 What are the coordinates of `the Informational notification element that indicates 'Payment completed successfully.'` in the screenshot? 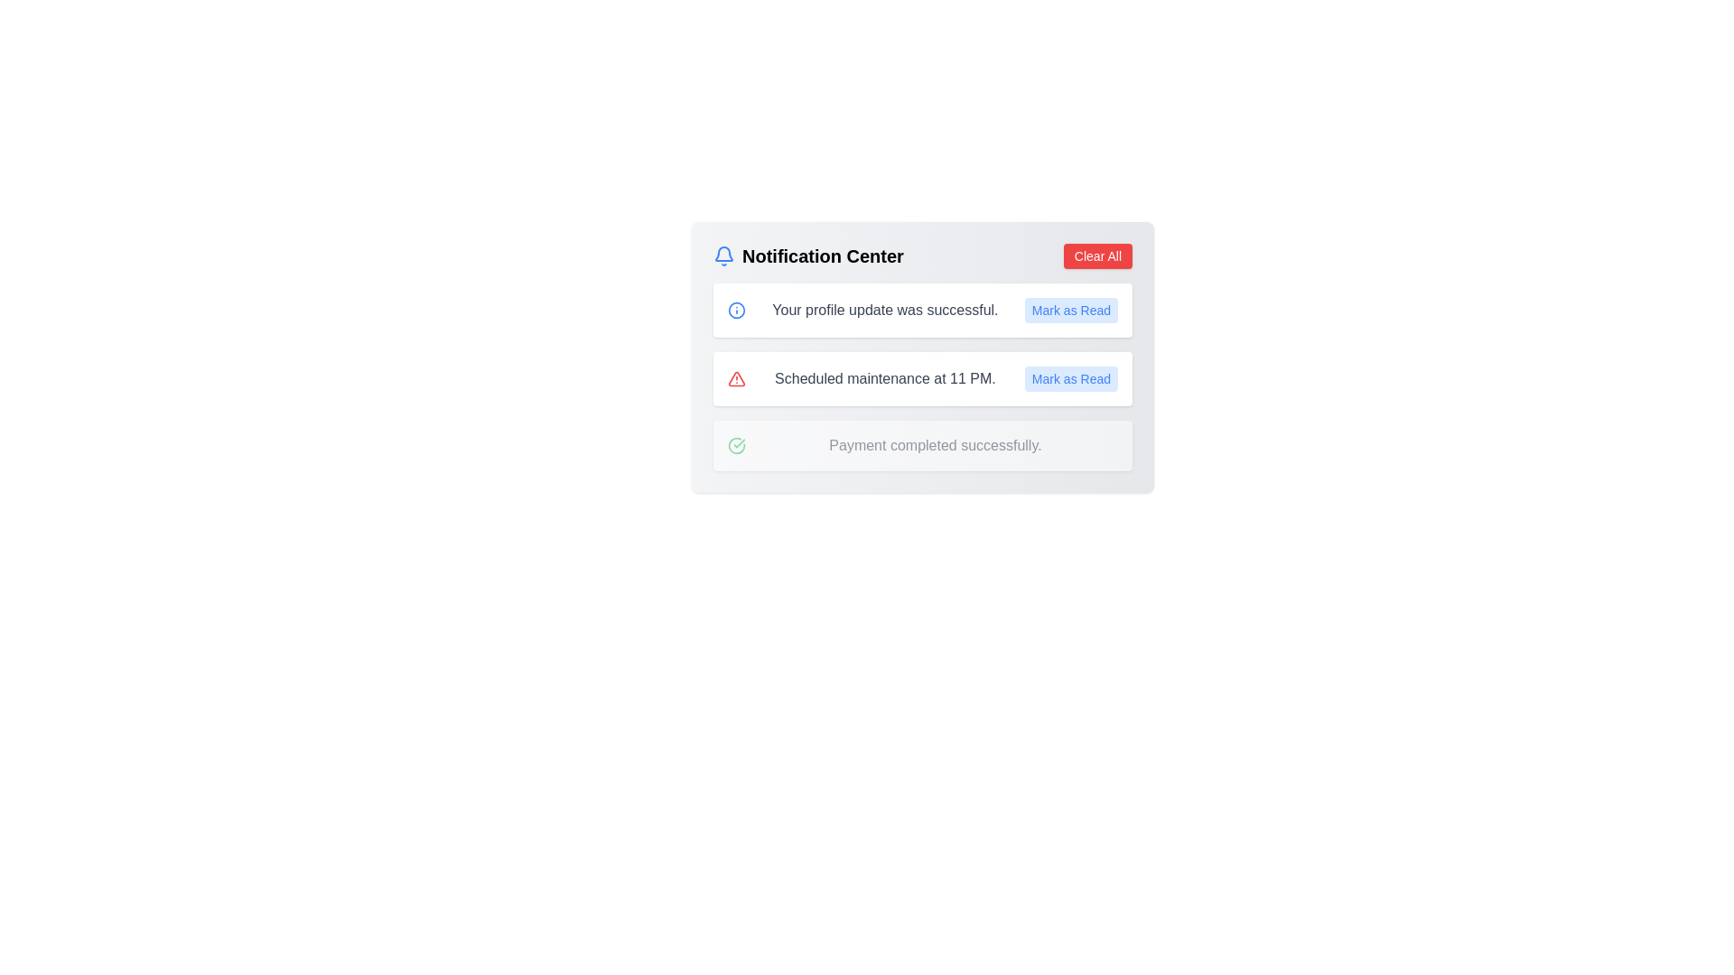 It's located at (923, 445).